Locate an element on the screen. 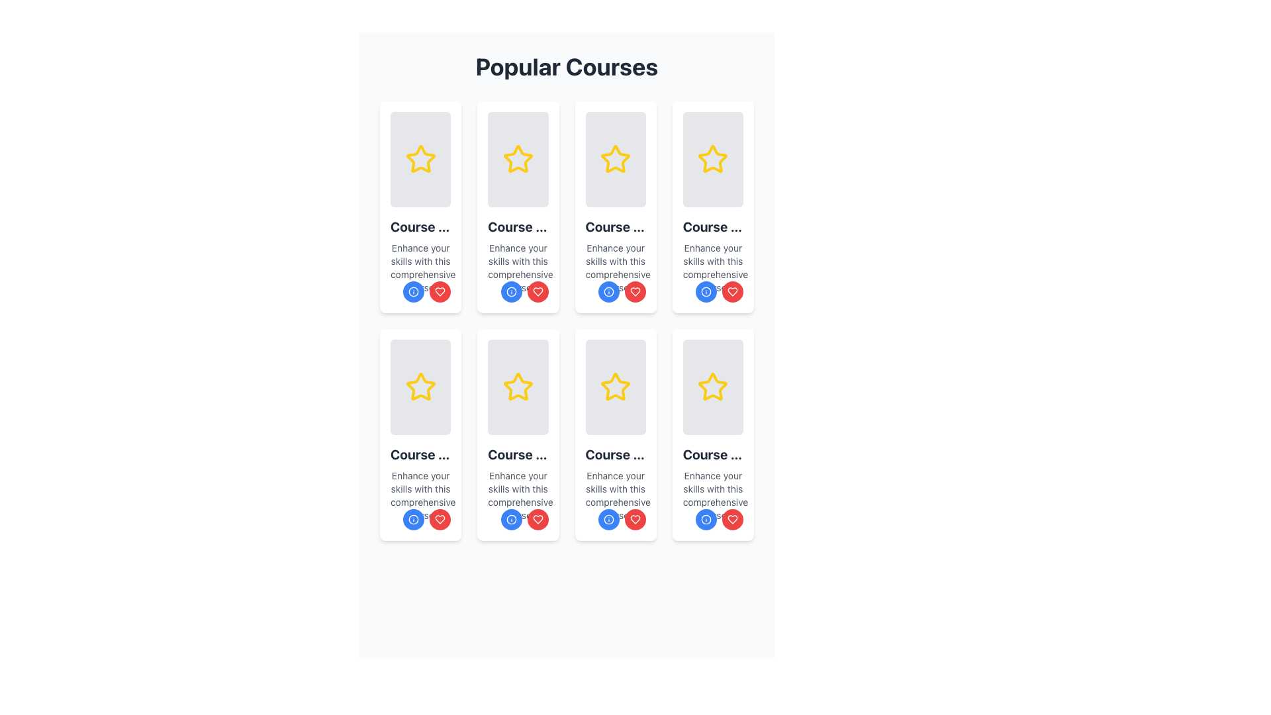 This screenshot has height=715, width=1271. the blue circular information icon located at the bottom section of the card component, which is part of a grid layout and next to a heart-shaped icon is located at coordinates (608, 291).